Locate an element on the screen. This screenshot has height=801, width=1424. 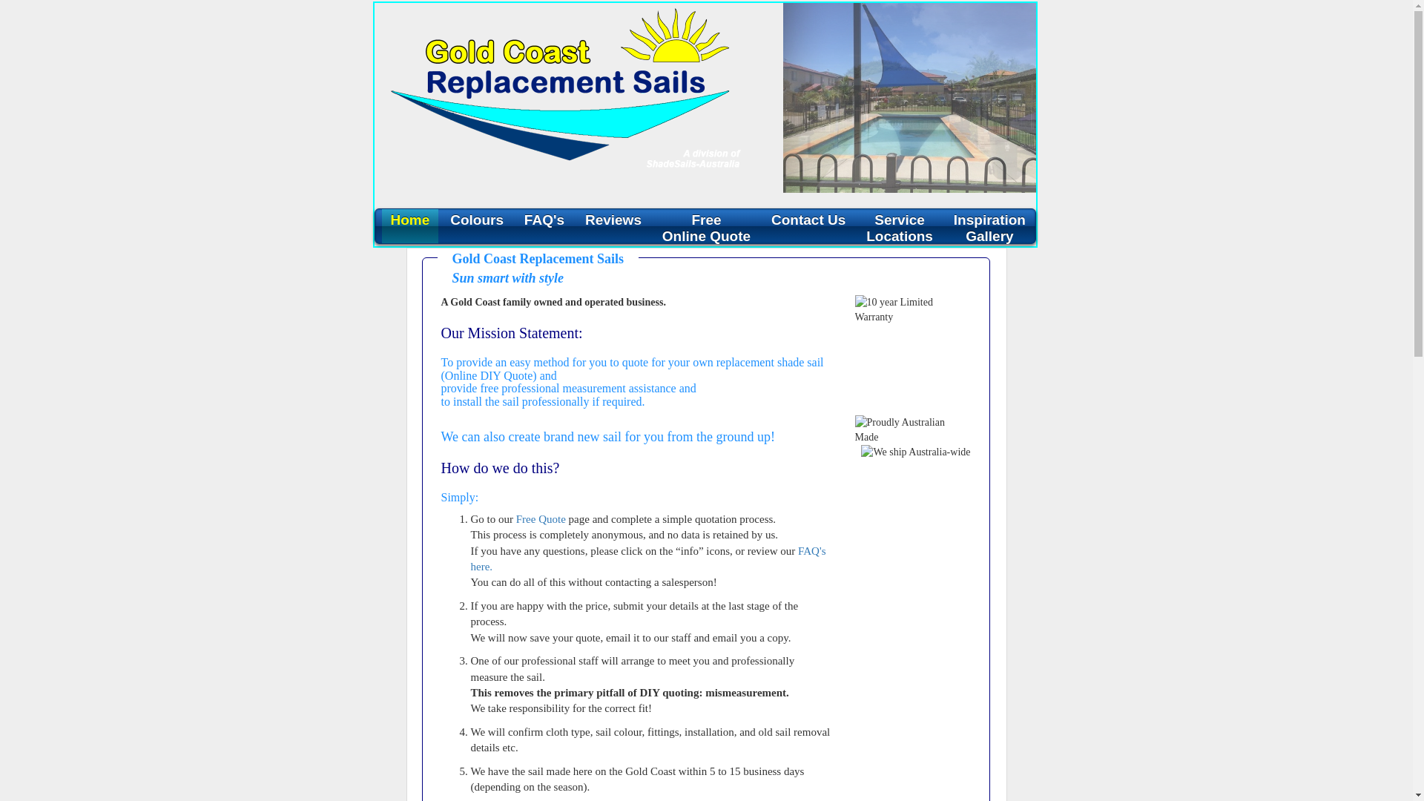
'Free Quote' is located at coordinates (540, 518).